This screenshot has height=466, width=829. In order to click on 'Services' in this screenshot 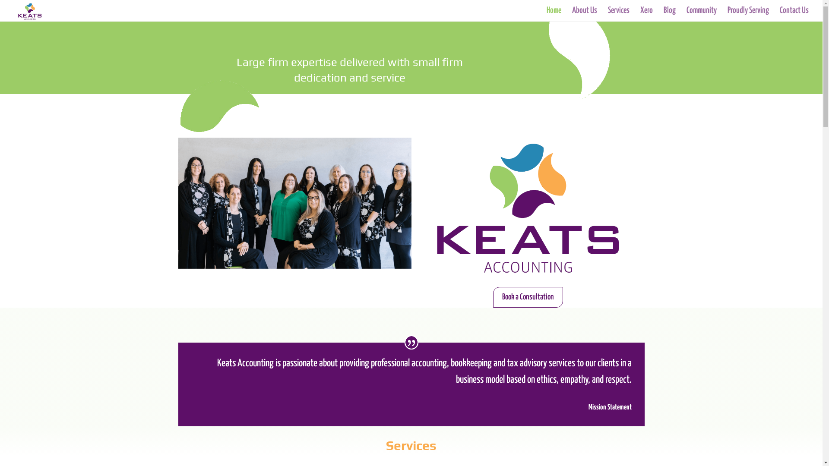, I will do `click(618, 15)`.